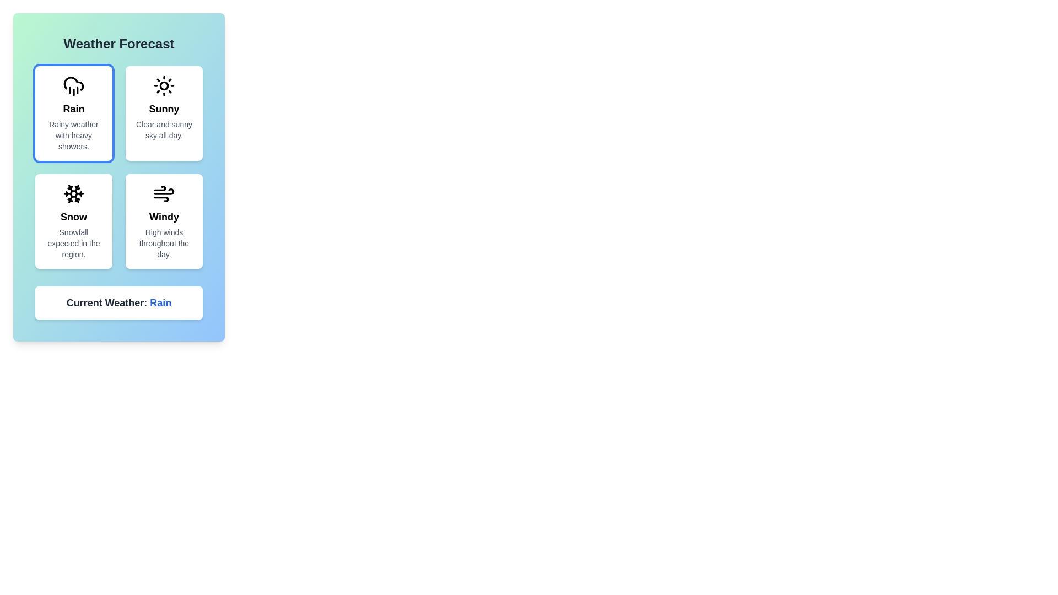 The height and width of the screenshot is (595, 1058). What do you see at coordinates (73, 85) in the screenshot?
I see `the rainy weather condition icon located in the top-left corner of the first weather card in the grid layout` at bounding box center [73, 85].